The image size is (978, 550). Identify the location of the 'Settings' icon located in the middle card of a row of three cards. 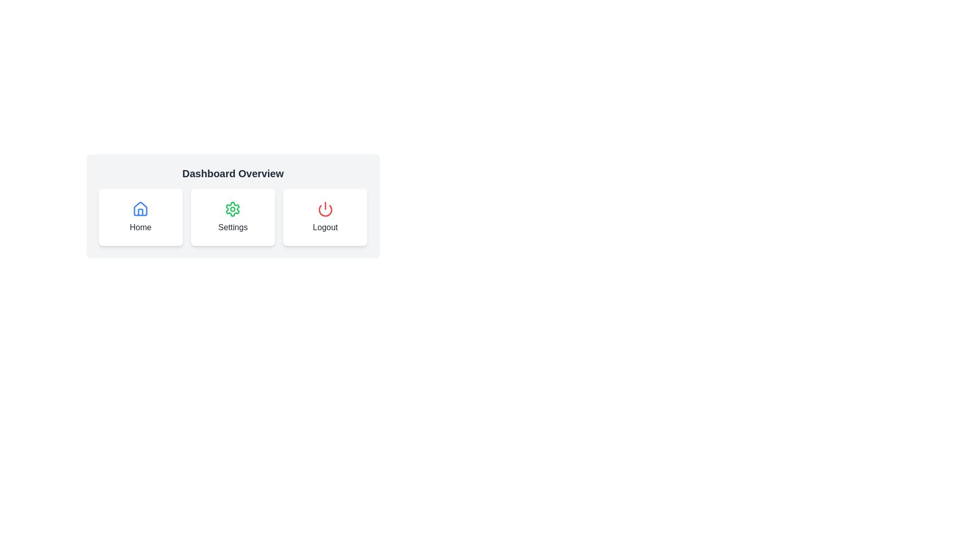
(232, 209).